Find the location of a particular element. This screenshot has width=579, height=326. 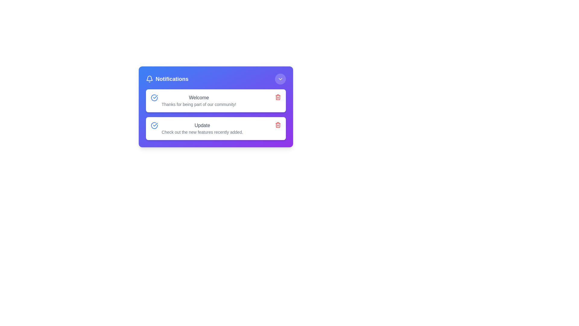

the non-interactive label displaying the text 'Update' in gray color, which is positioned above the descriptive text in the second notification block is located at coordinates (202, 125).